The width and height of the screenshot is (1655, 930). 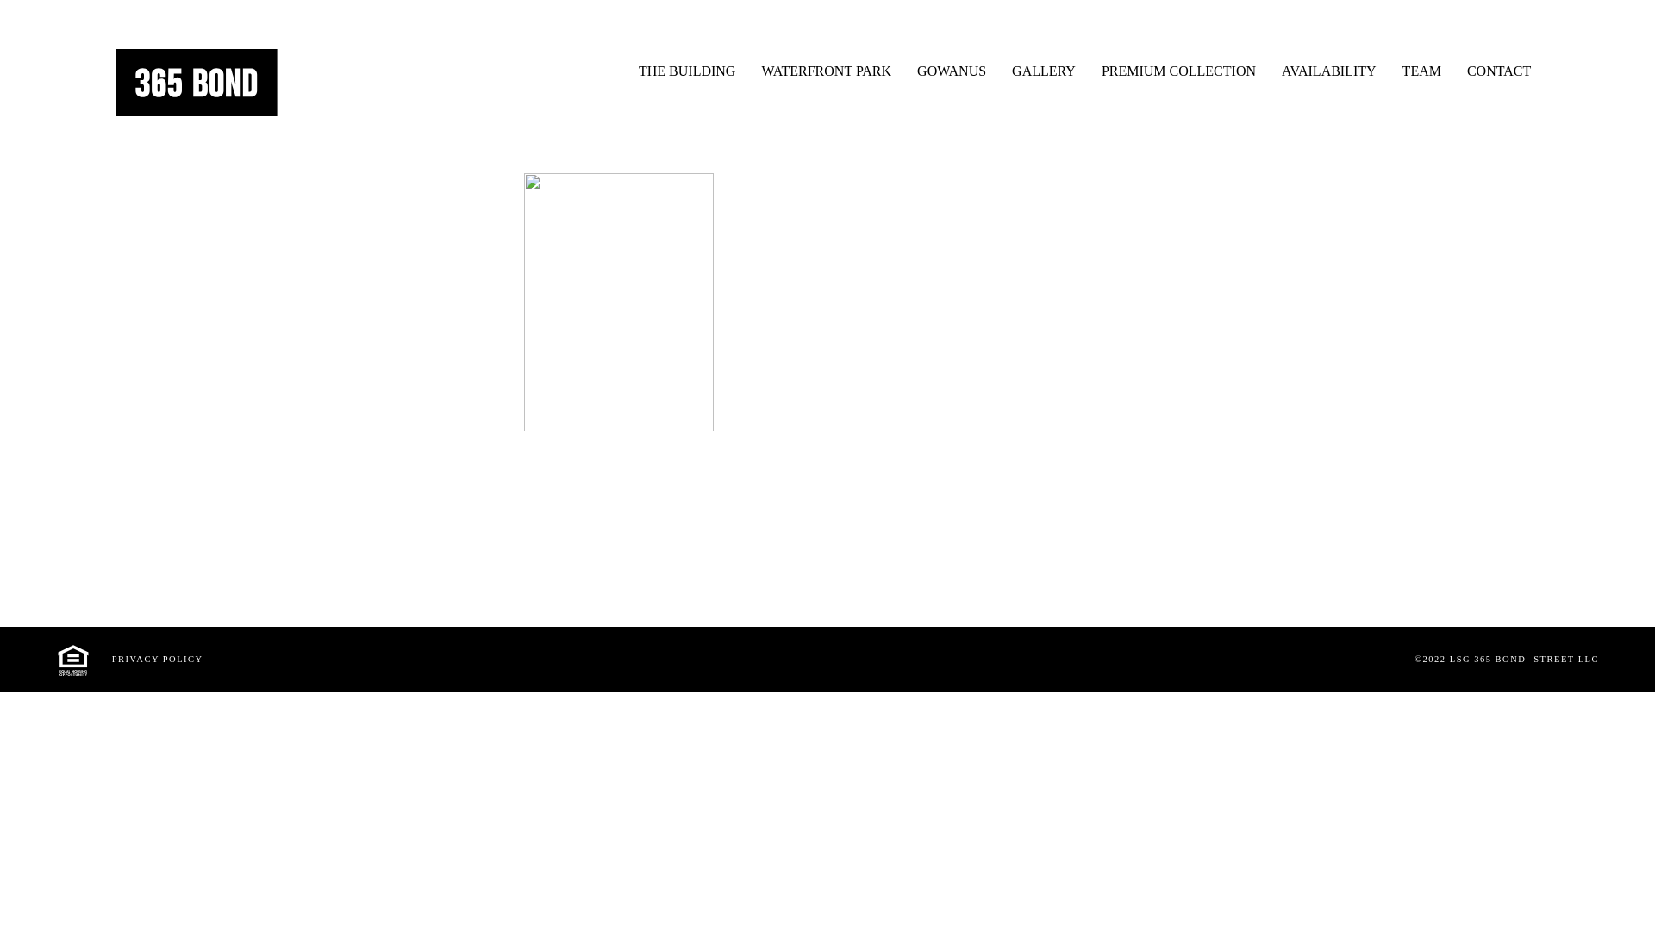 I want to click on 'GALLERY', so click(x=1042, y=65).